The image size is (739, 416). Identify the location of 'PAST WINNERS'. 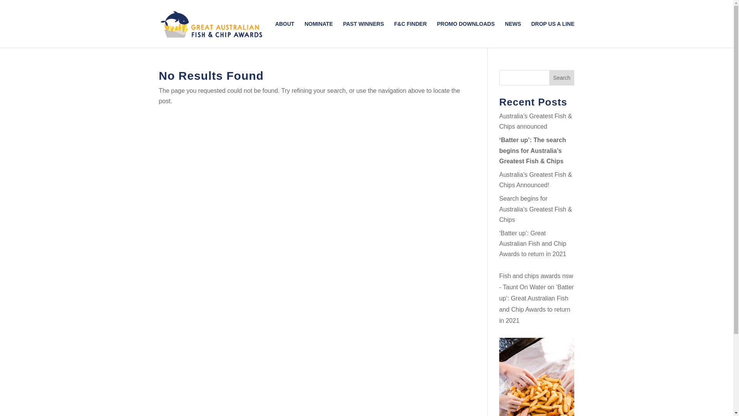
(363, 34).